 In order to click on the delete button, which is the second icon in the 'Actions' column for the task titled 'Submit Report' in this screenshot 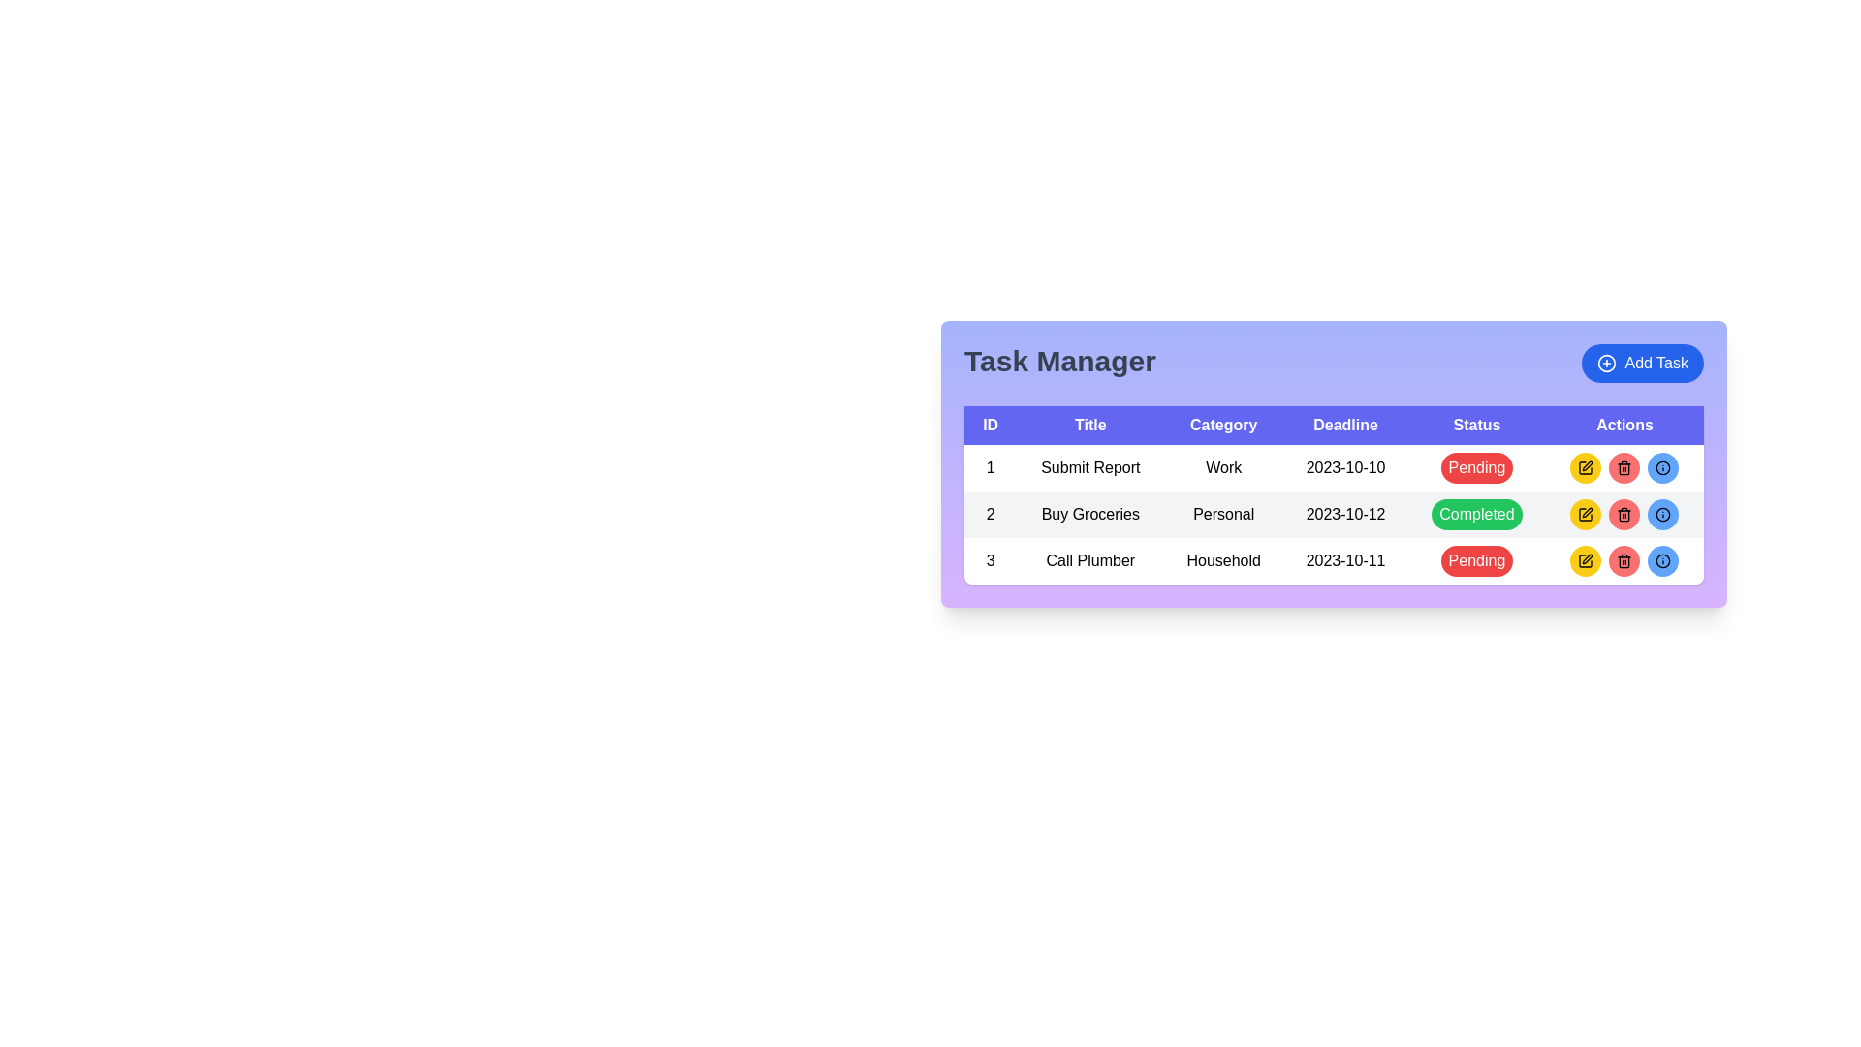, I will do `click(1624, 514)`.